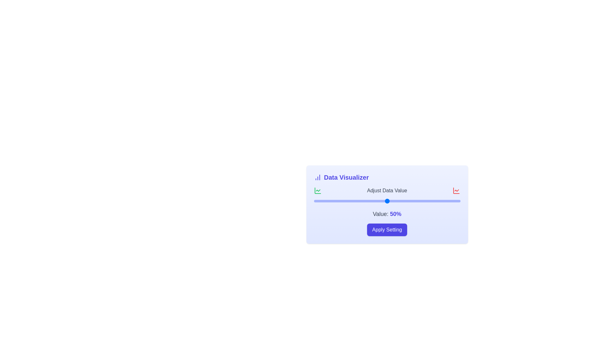  What do you see at coordinates (340, 201) in the screenshot?
I see `the slider value` at bounding box center [340, 201].